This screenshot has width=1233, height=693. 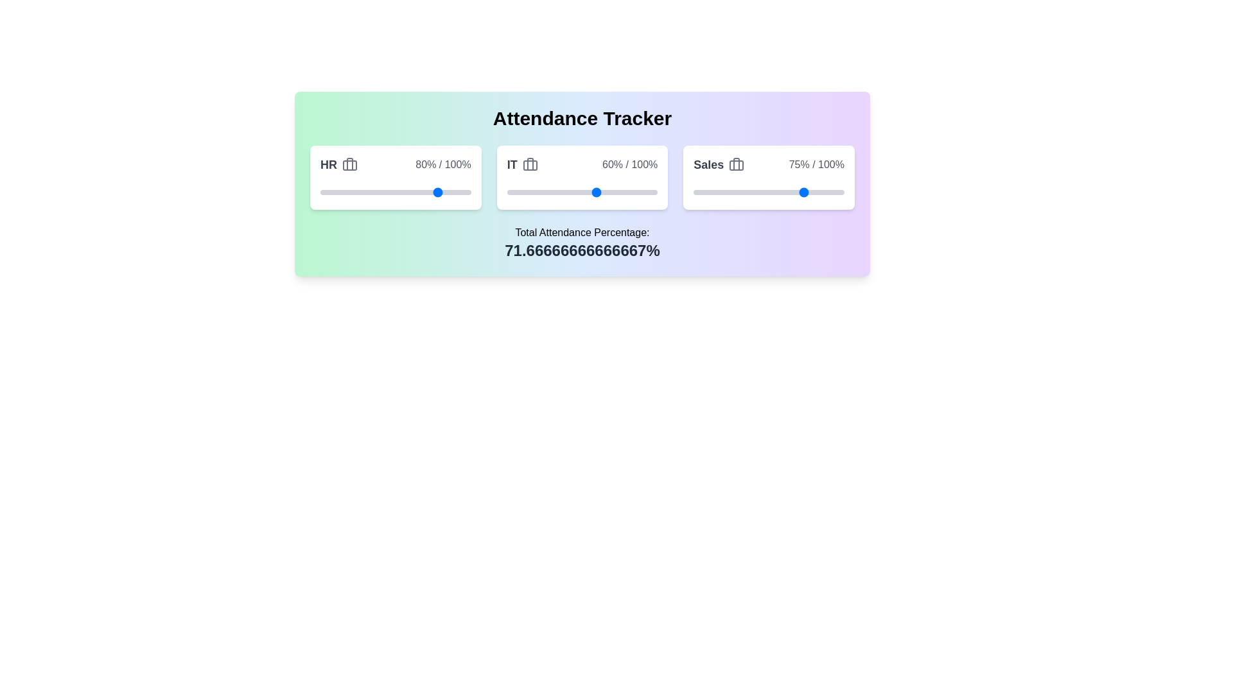 I want to click on the IT attendance slider, so click(x=592, y=193).